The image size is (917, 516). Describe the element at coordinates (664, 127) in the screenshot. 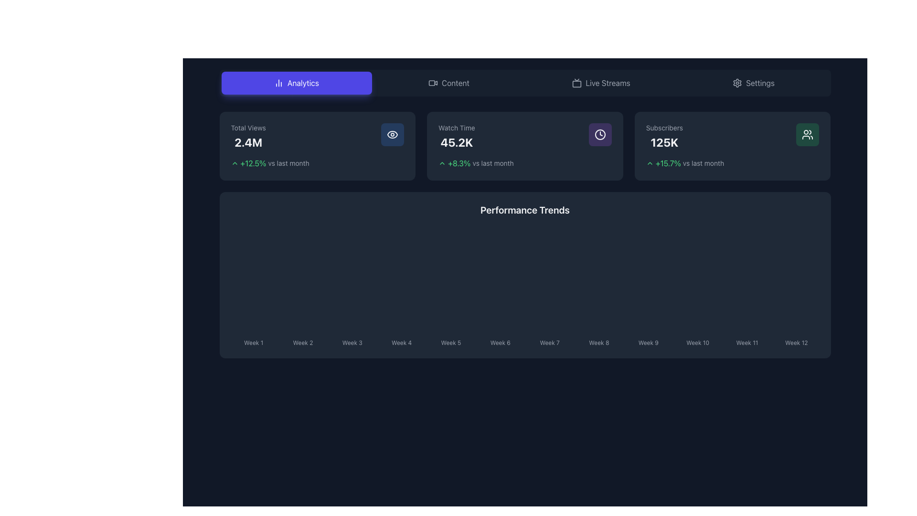

I see `the Text label that provides context for the numerical metric '125K' located in the top-right section of the interface` at that location.